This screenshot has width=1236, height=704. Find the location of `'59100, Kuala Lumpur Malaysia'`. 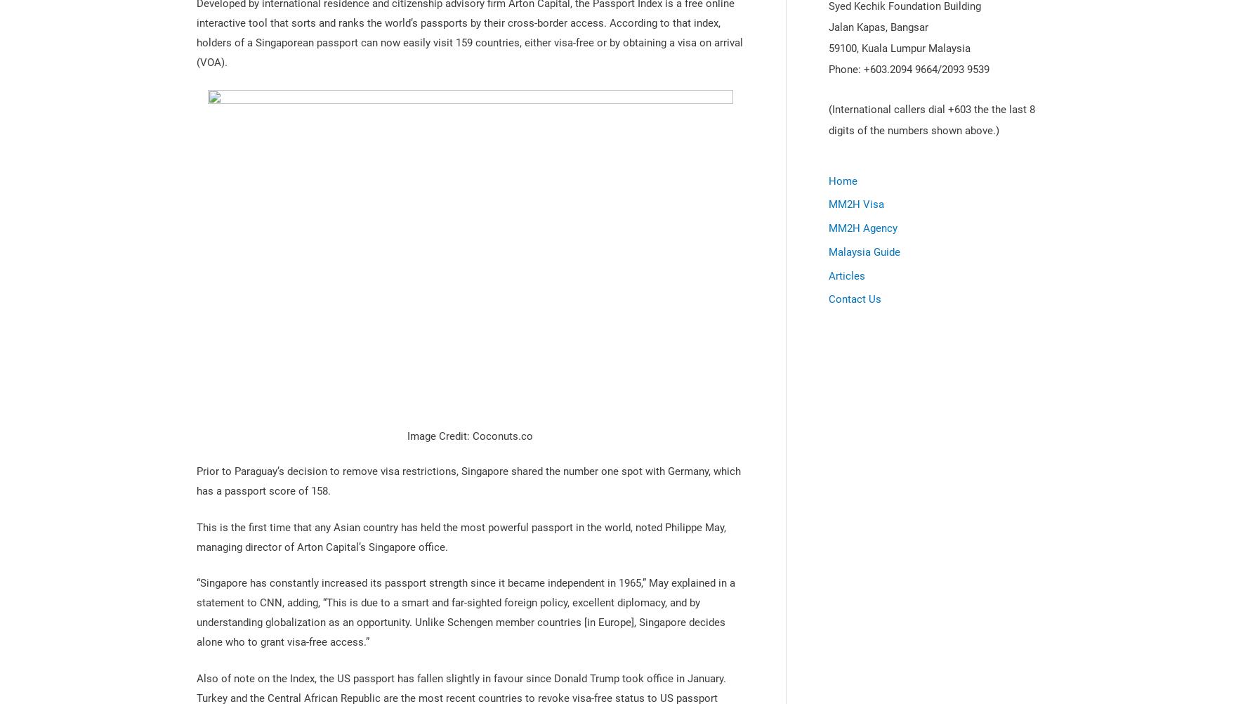

'59100, Kuala Lumpur Malaysia' is located at coordinates (898, 48).